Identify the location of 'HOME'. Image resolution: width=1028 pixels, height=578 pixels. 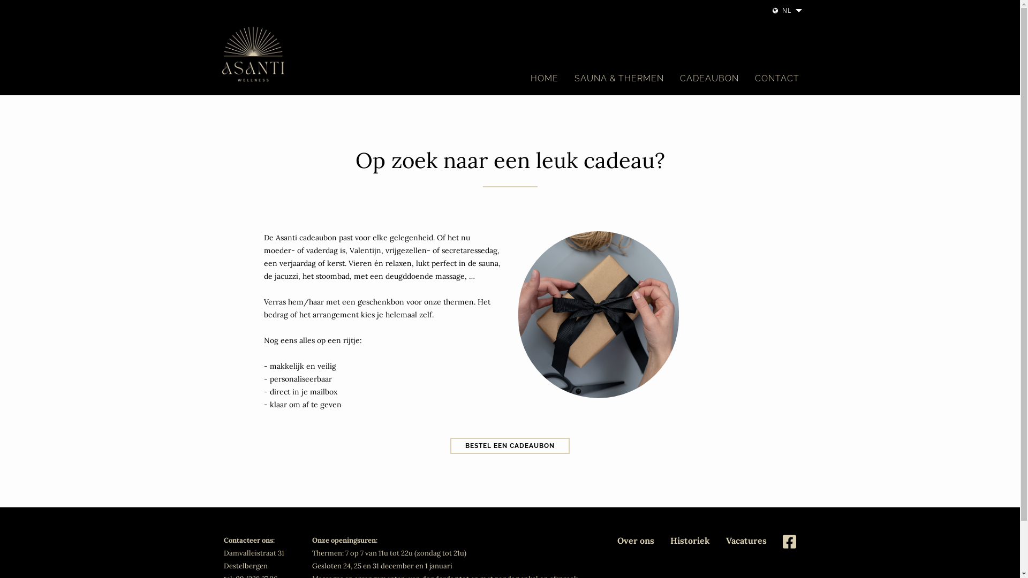
(545, 78).